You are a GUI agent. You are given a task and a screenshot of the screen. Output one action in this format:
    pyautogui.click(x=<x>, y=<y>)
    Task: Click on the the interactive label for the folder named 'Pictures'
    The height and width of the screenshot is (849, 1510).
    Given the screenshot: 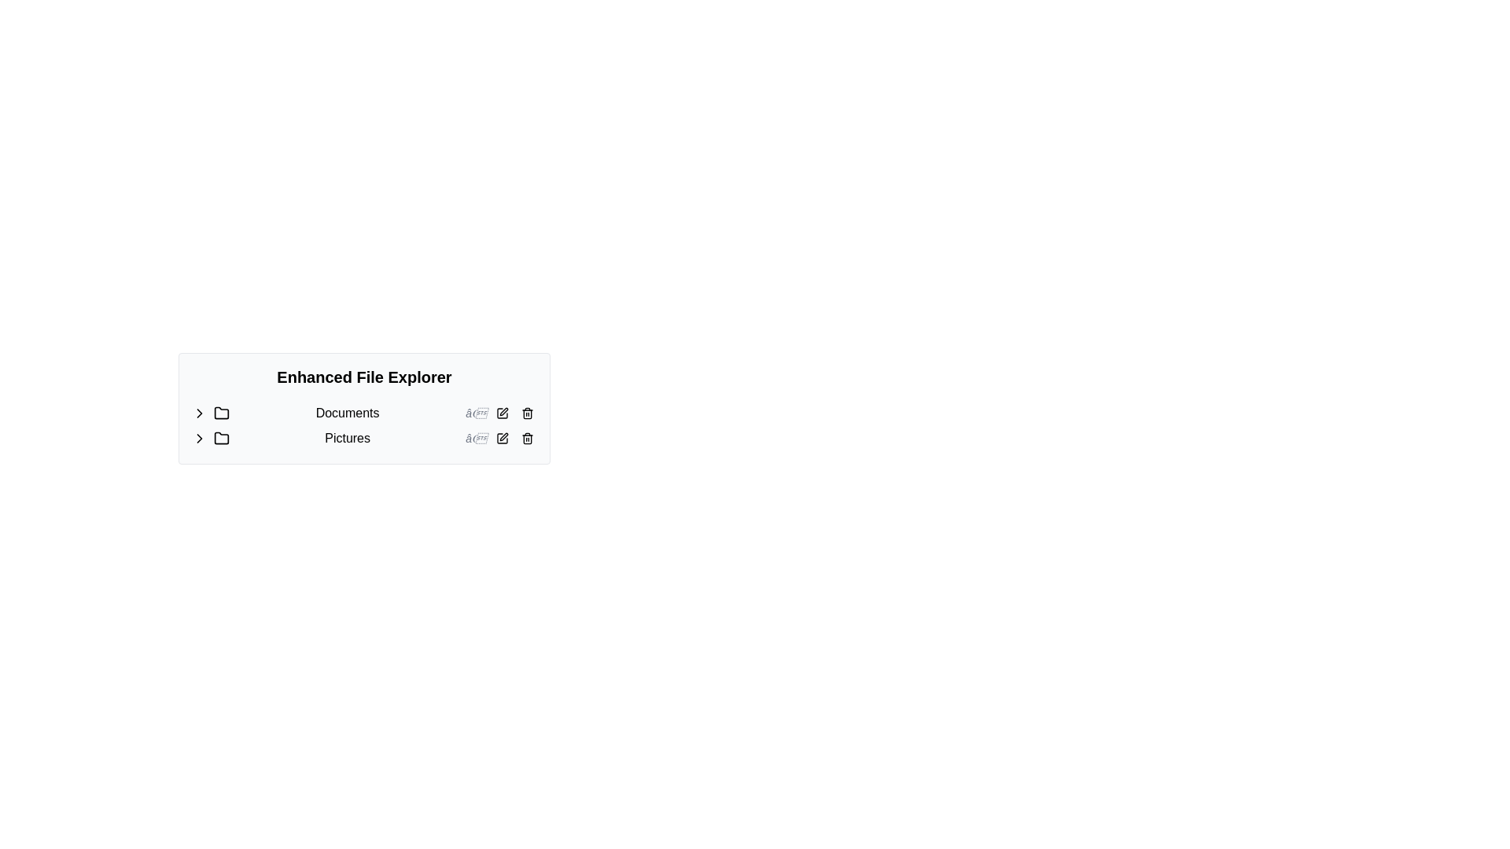 What is the action you would take?
    pyautogui.click(x=363, y=439)
    